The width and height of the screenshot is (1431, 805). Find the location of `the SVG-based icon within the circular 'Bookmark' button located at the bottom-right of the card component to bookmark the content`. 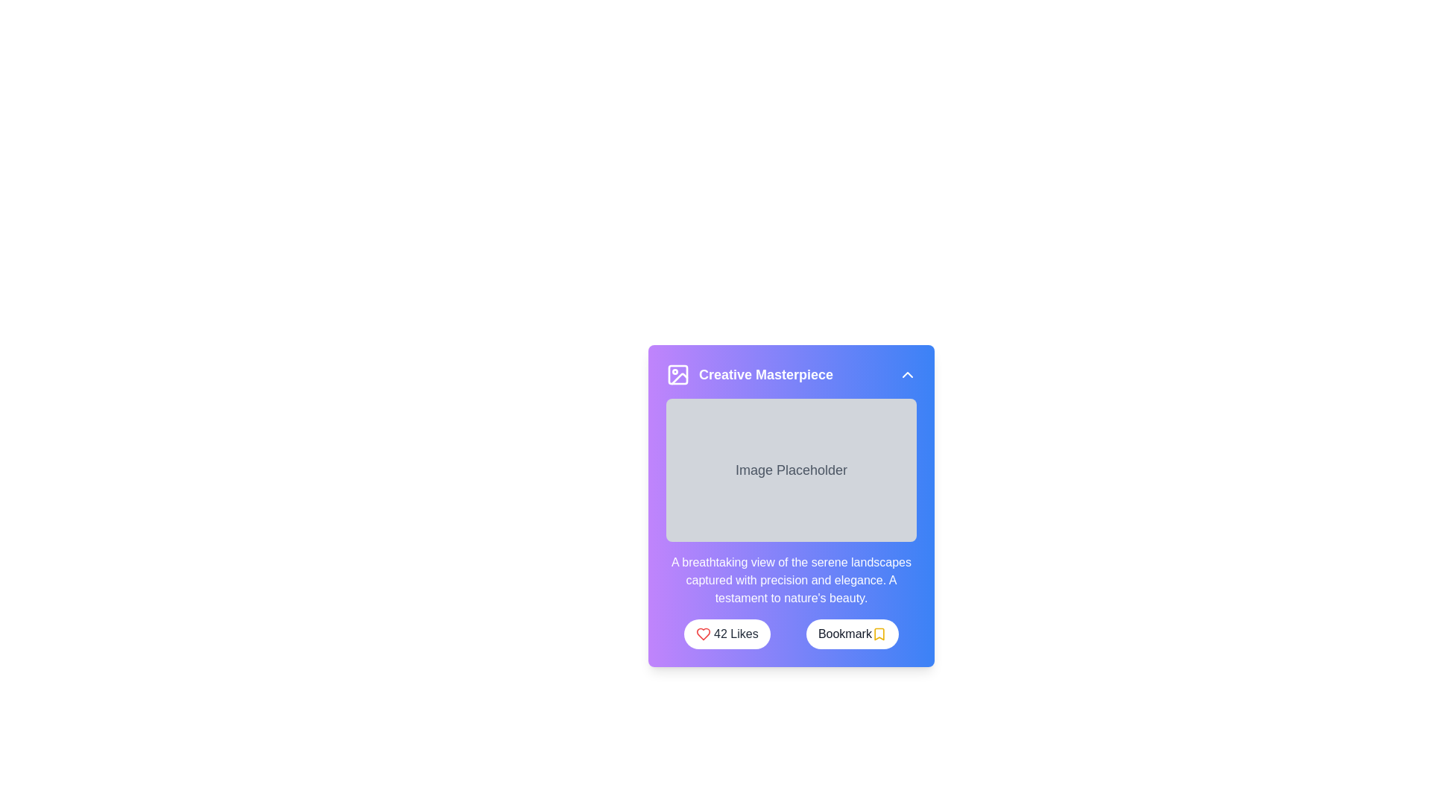

the SVG-based icon within the circular 'Bookmark' button located at the bottom-right of the card component to bookmark the content is located at coordinates (879, 634).